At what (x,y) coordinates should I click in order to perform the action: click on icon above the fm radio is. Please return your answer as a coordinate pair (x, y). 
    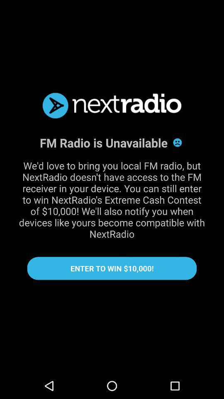
    Looking at the image, I should click on (112, 105).